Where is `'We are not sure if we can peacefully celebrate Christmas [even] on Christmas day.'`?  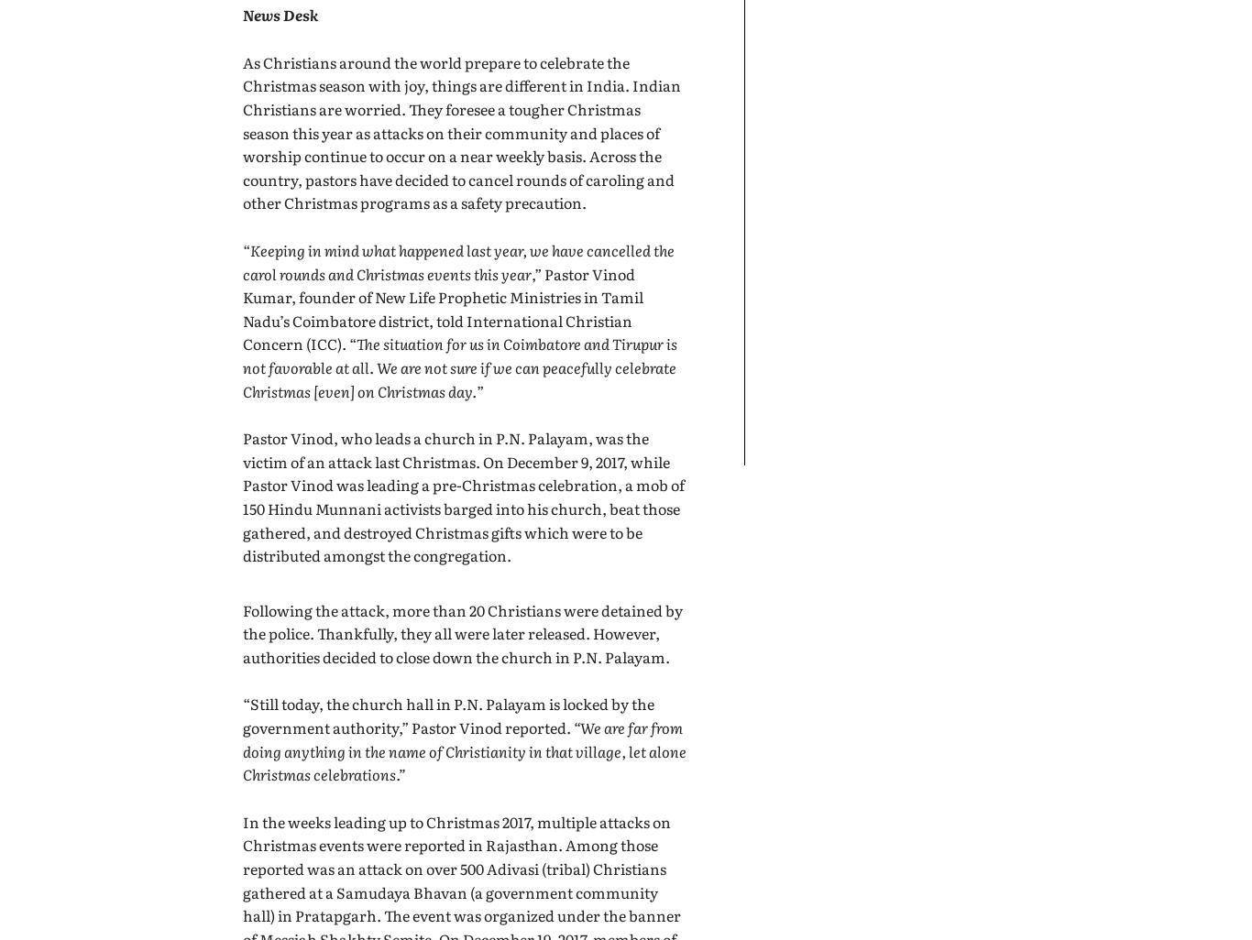
'We are not sure if we can peacefully celebrate Christmas [even] on Christmas day.' is located at coordinates (459, 377).